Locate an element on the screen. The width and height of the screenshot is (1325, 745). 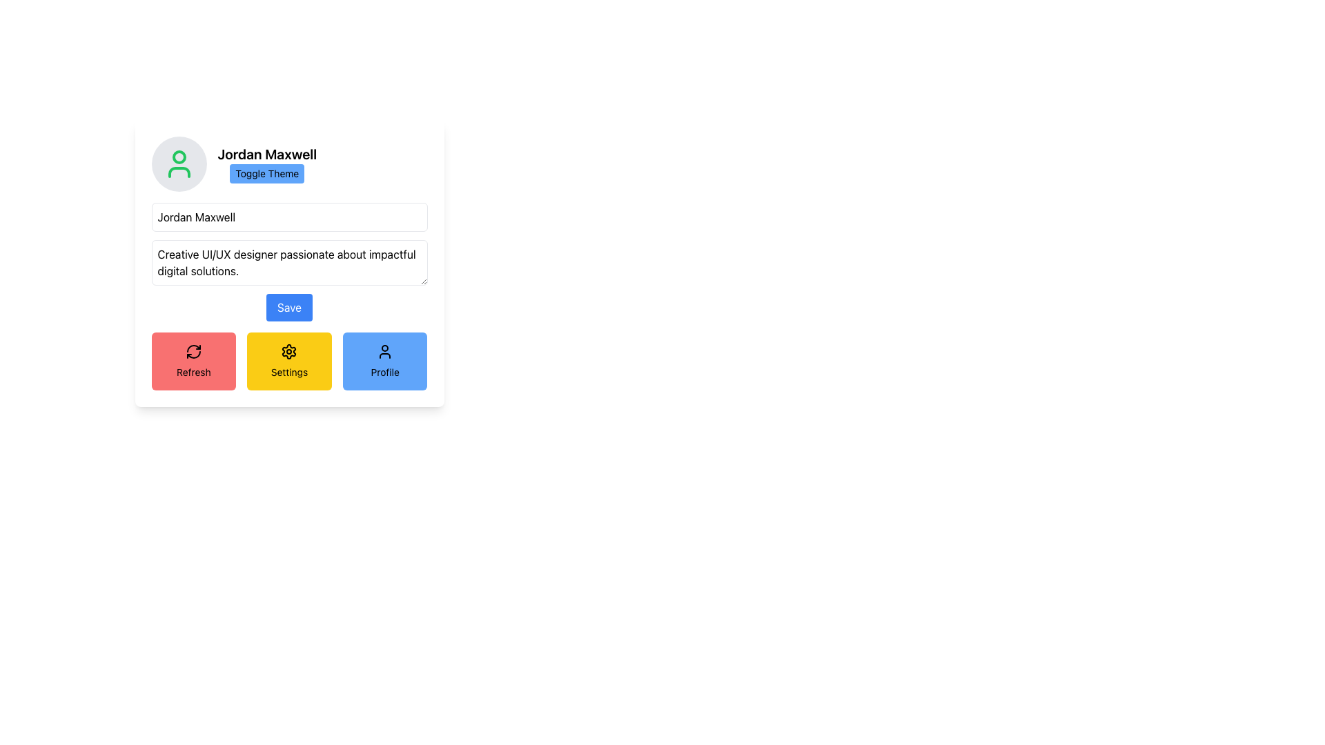
the refresh icon located in the red square at the bottom-left of the interface is located at coordinates (193, 350).